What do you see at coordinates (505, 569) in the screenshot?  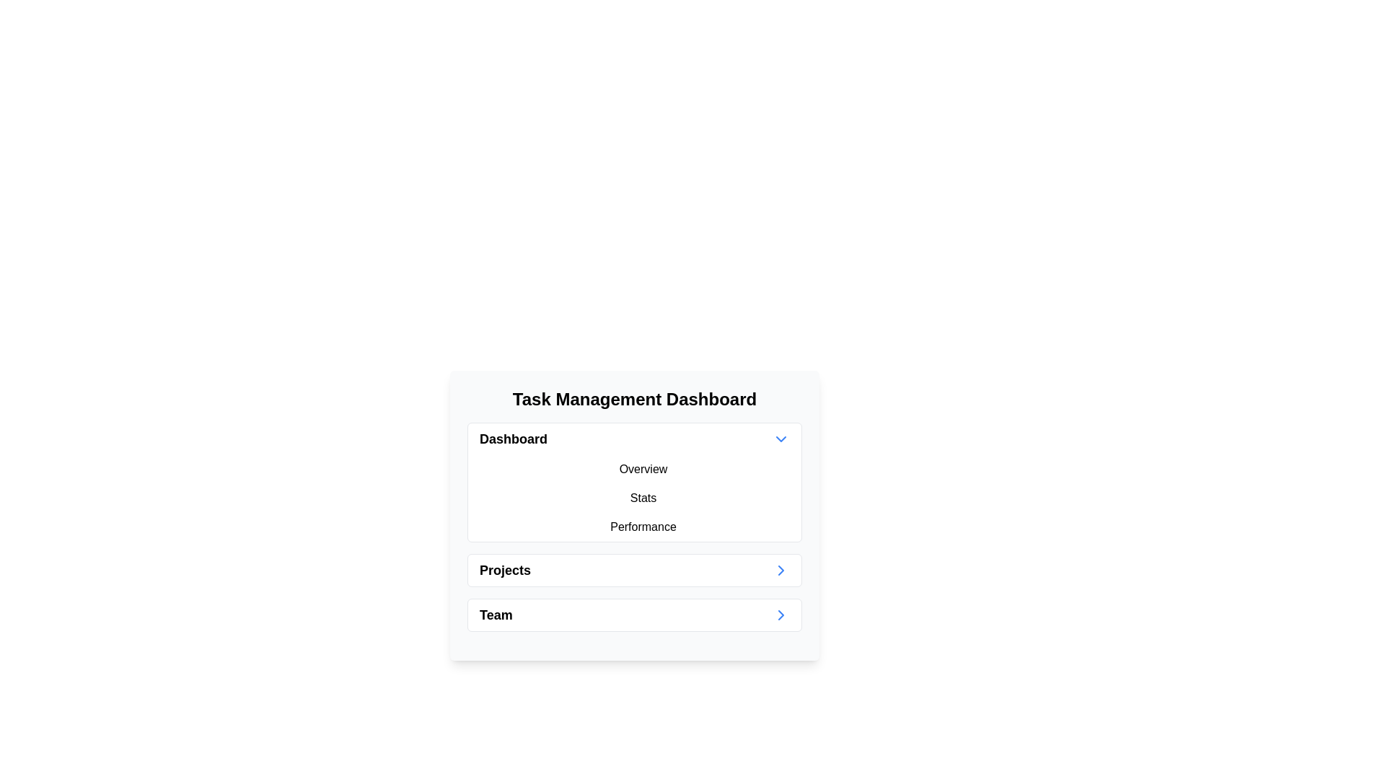 I see `the 'Projects' text label located under the 'Task Management Dashboard' header in the menu, which is the second list item and is positioned above the 'Team' list item` at bounding box center [505, 569].